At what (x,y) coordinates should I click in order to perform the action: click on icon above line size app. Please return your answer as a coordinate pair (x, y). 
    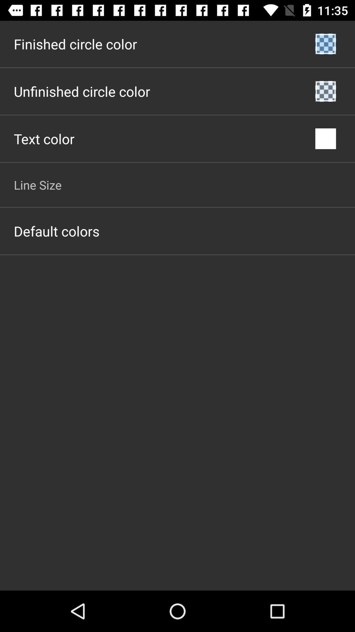
    Looking at the image, I should click on (44, 138).